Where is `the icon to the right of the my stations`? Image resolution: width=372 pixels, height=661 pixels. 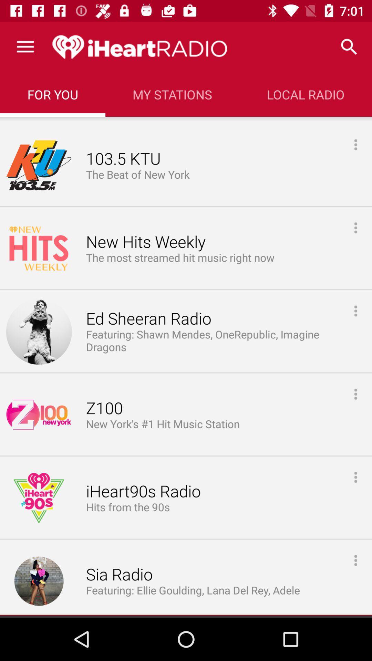 the icon to the right of the my stations is located at coordinates (349, 46).